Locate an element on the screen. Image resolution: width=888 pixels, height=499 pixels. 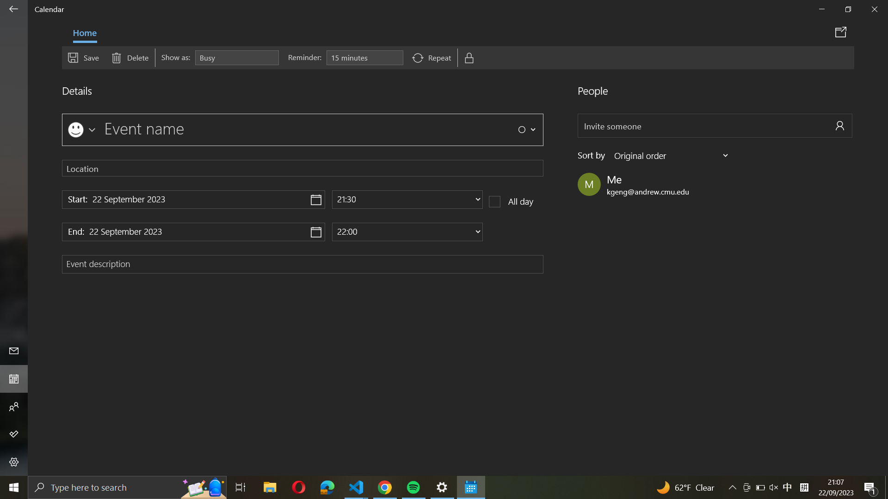
the event"s start date feature by clicking on it is located at coordinates (193, 199).